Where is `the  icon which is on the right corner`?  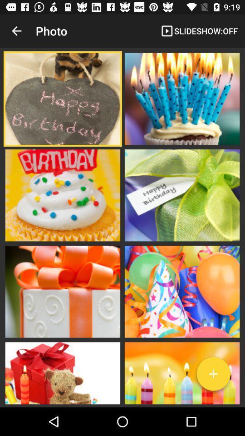 the  icon which is on the right corner is located at coordinates (213, 376).